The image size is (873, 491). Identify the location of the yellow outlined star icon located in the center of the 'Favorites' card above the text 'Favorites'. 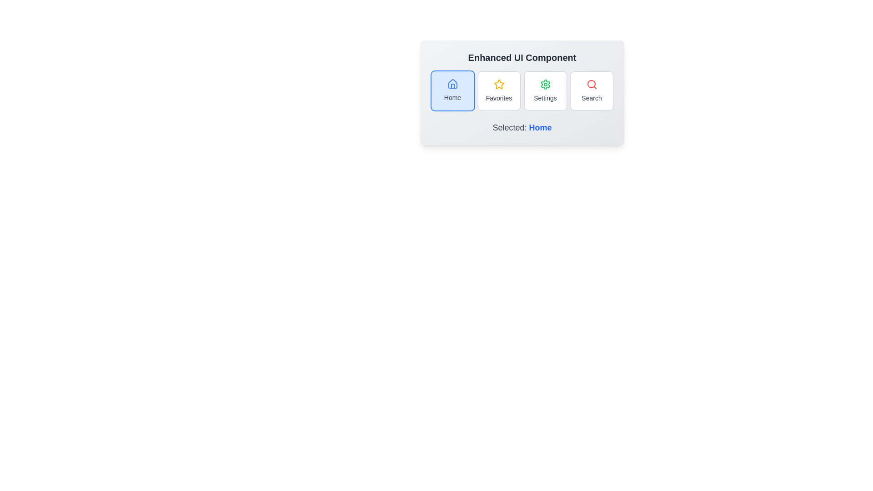
(498, 84).